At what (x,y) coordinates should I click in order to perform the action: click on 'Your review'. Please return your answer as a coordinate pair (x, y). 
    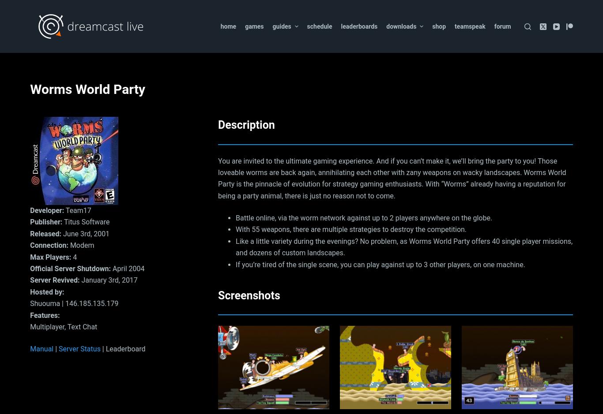
    Looking at the image, I should click on (234, 112).